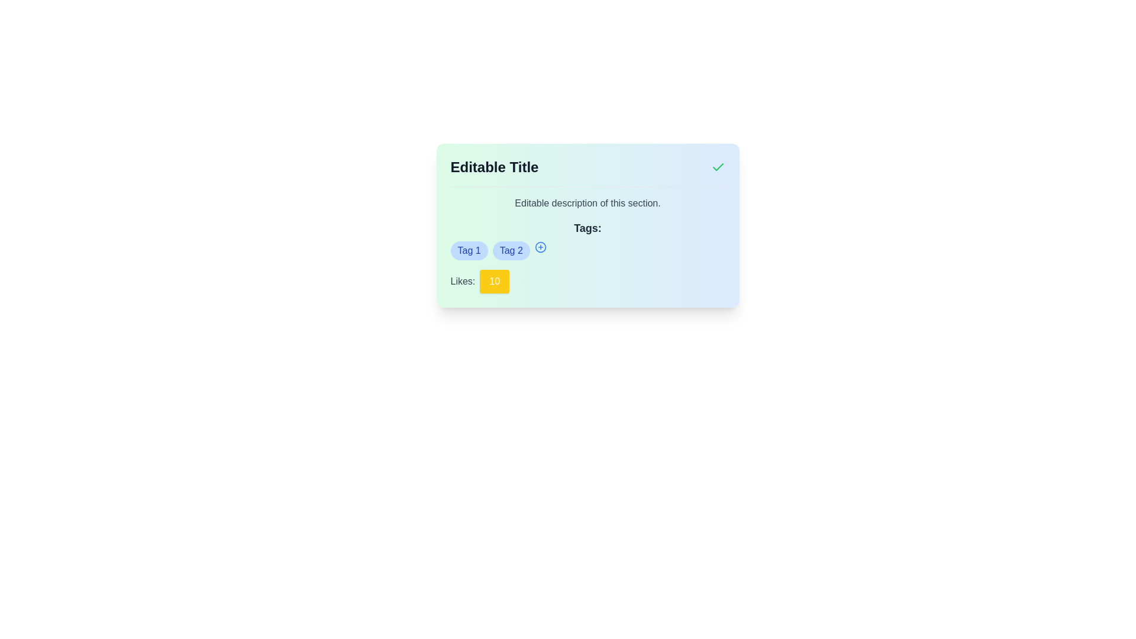  I want to click on the first tag element located under the 'Tags:' label, which serves as a visual tag or label for categorizing content, so click(469, 250).